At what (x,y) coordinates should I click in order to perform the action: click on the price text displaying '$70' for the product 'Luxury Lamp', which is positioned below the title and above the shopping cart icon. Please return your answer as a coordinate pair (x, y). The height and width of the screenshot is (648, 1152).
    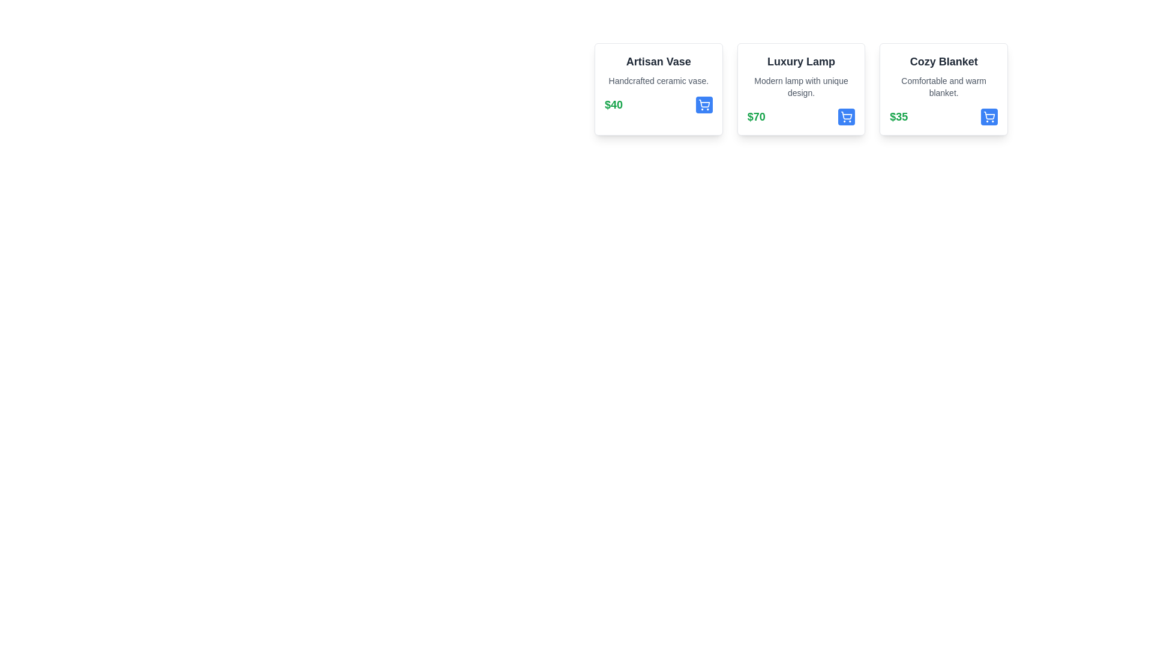
    Looking at the image, I should click on (755, 117).